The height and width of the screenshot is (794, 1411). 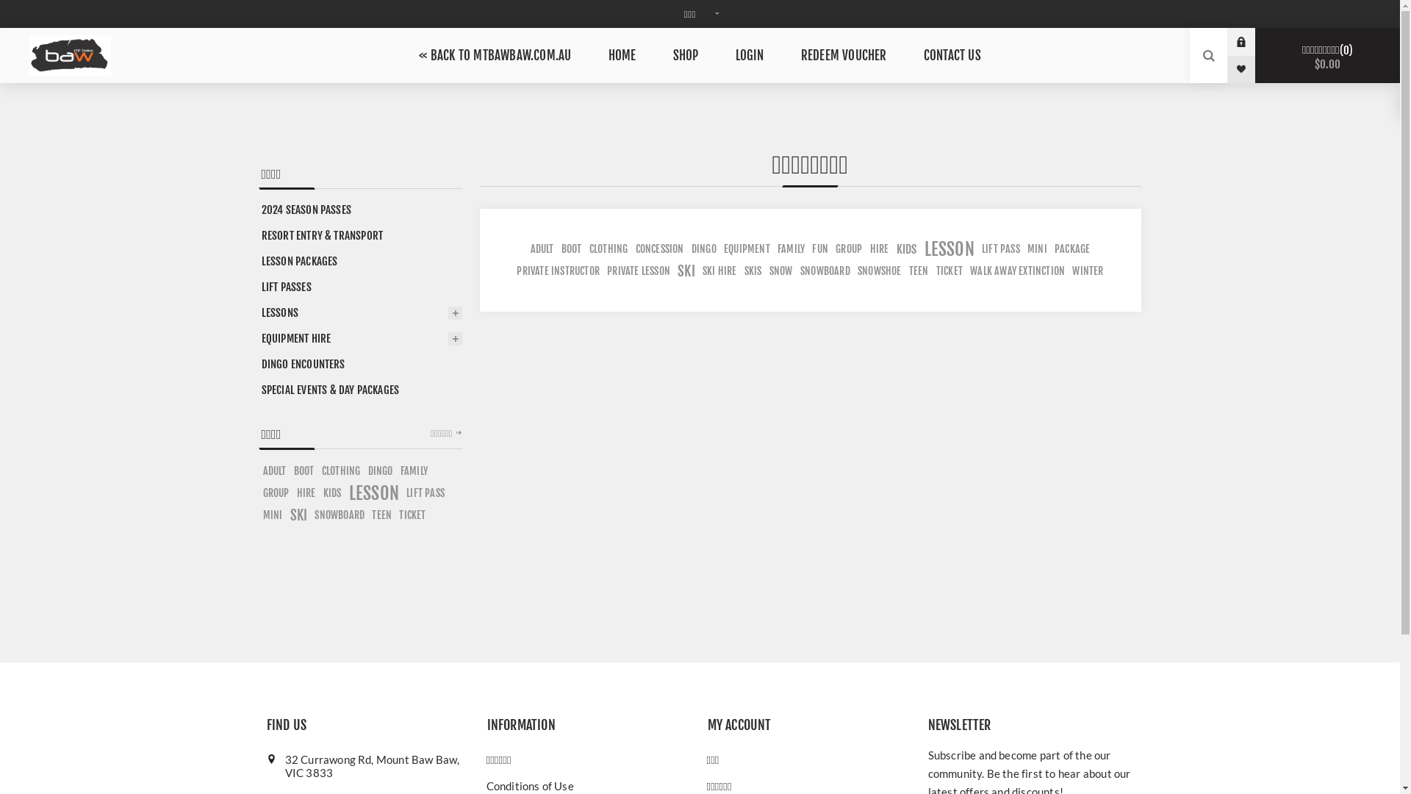 I want to click on 'WINTER', so click(x=1087, y=271).